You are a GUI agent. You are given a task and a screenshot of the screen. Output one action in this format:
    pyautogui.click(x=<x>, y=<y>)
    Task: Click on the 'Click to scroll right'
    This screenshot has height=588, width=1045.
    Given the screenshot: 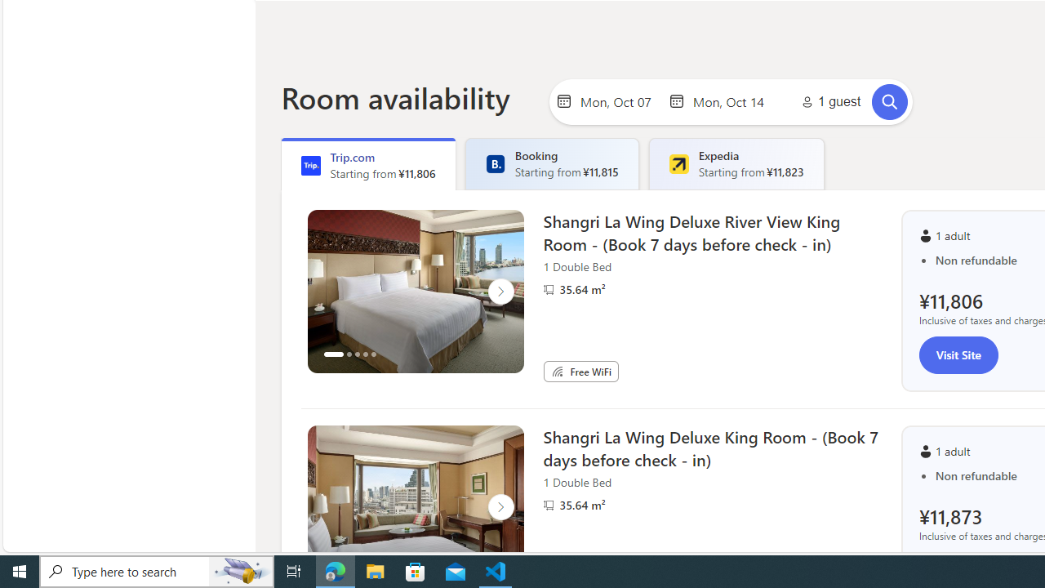 What is the action you would take?
    pyautogui.click(x=500, y=506)
    